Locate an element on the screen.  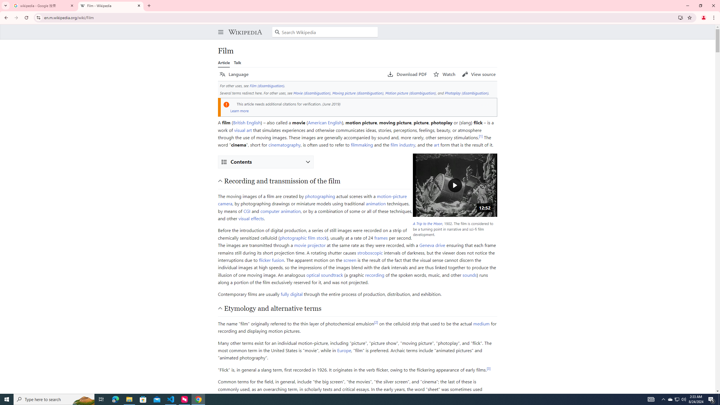
'Film - Wikipedia' is located at coordinates (111, 5).